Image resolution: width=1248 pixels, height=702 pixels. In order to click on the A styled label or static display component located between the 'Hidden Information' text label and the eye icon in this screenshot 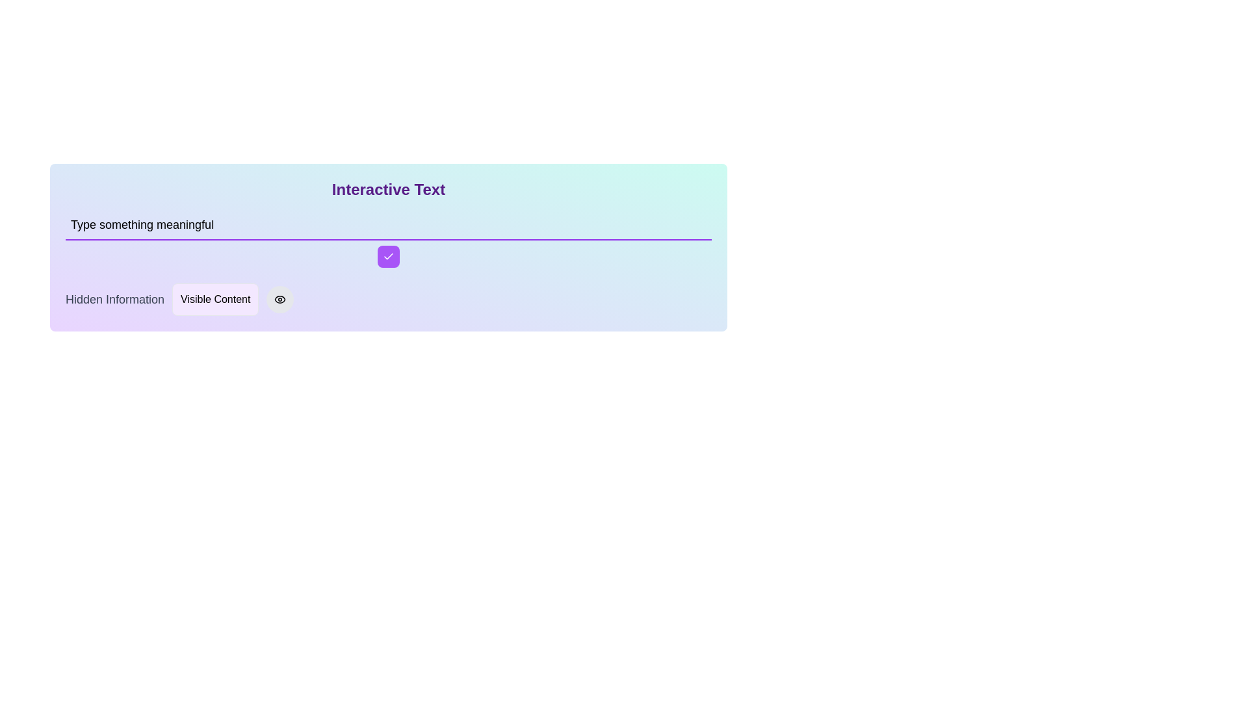, I will do `click(215, 300)`.